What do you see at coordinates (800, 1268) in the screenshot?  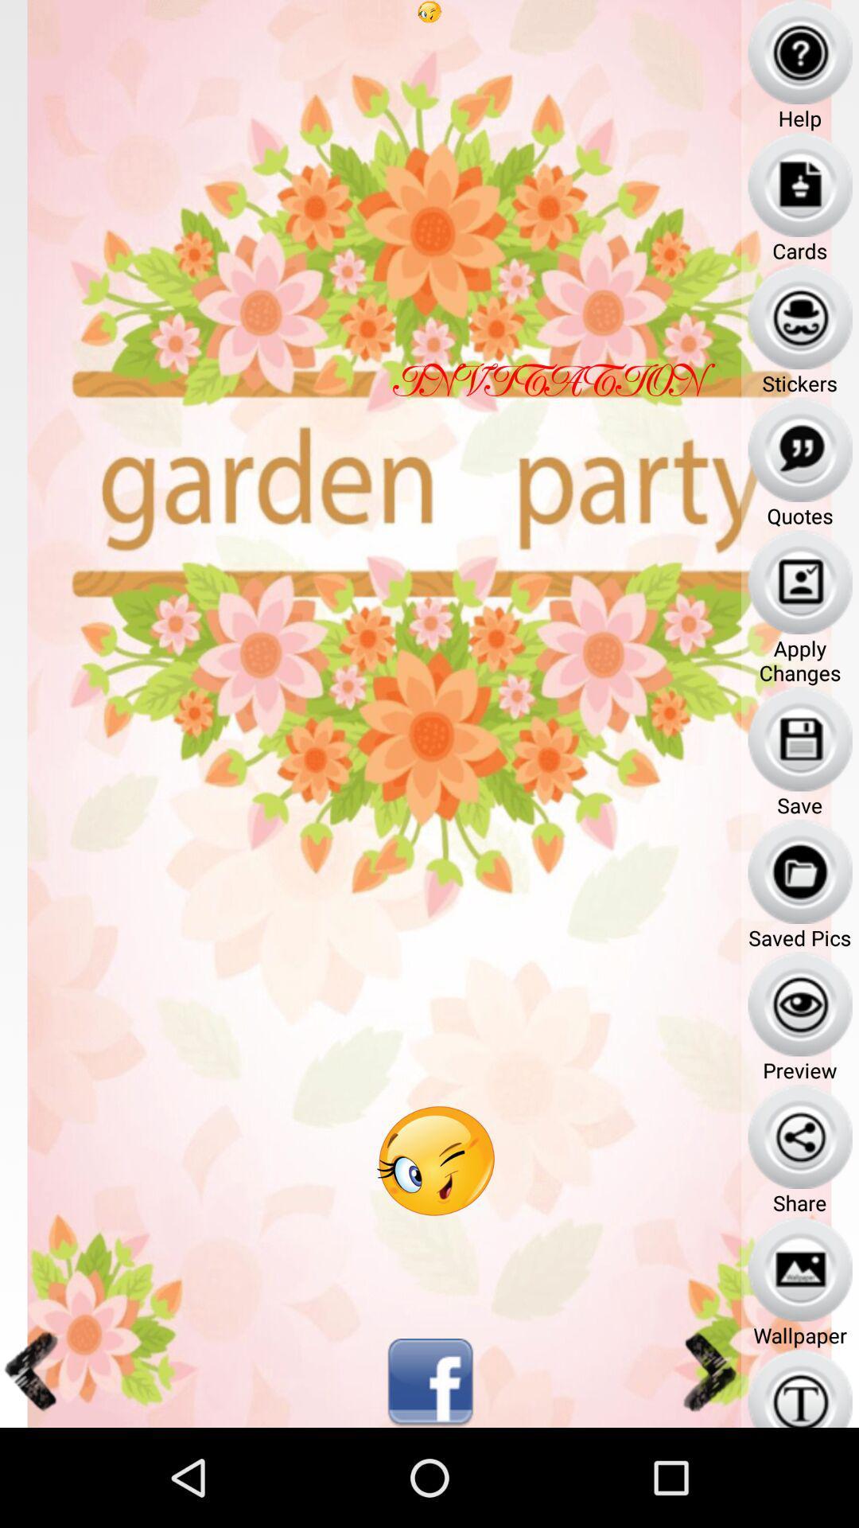 I see `wallpaper` at bounding box center [800, 1268].